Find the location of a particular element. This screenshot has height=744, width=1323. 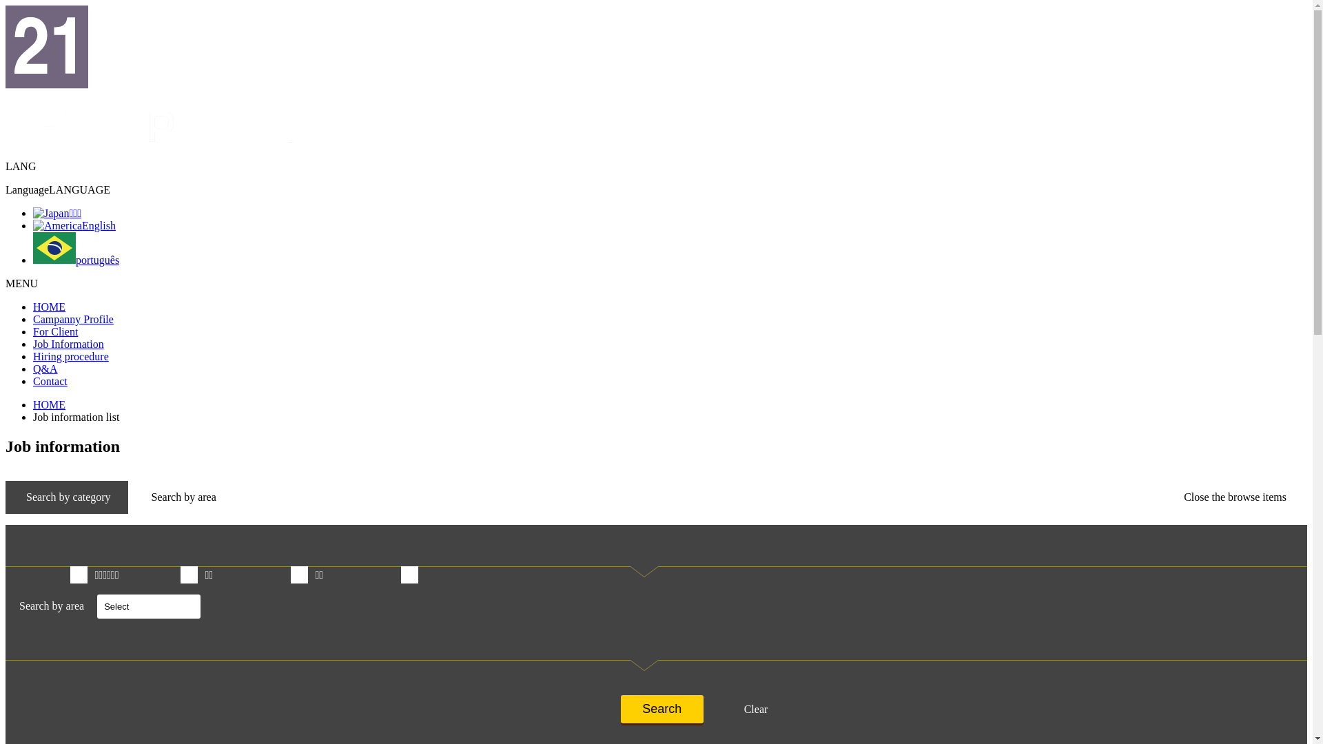

'Search' is located at coordinates (661, 709).